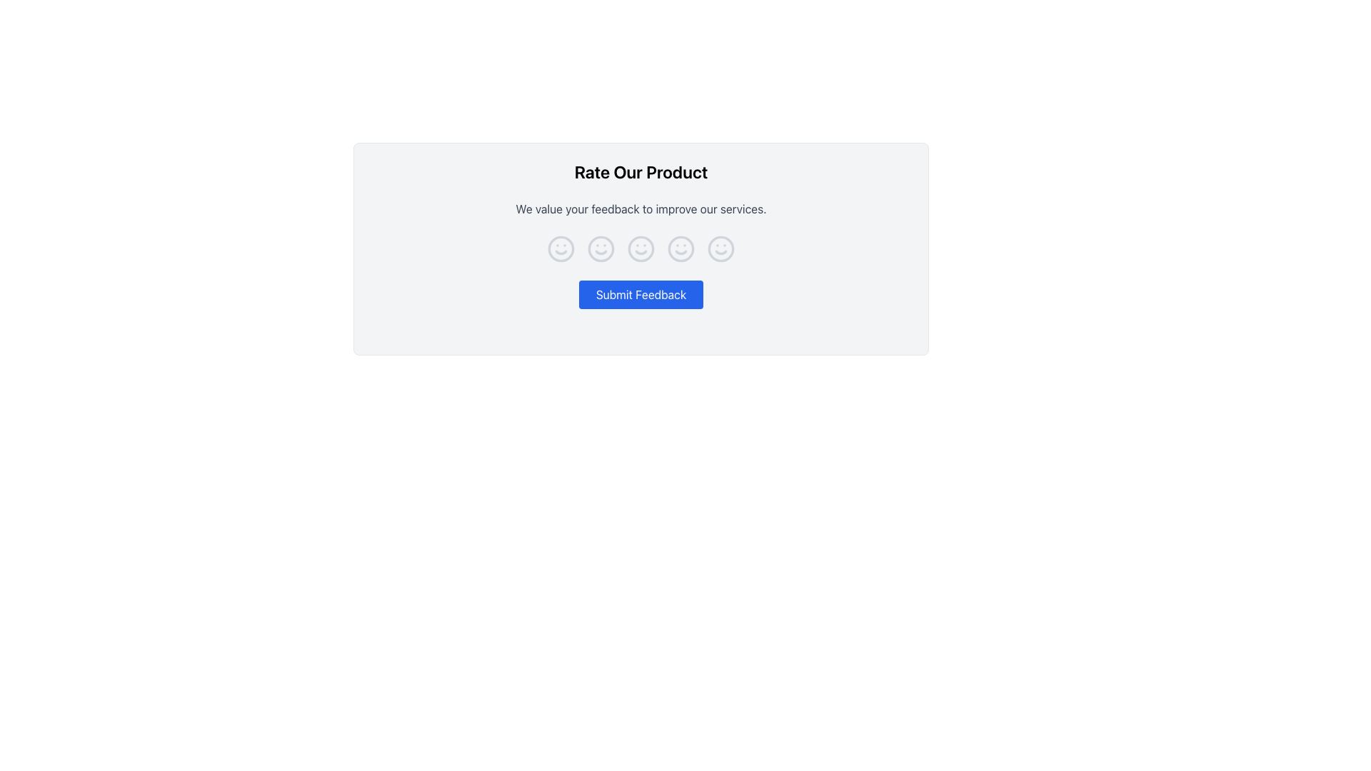 The height and width of the screenshot is (771, 1371). I want to click on the central circular base of the third smiley face icon in the rating options below the feedback text and above the submit button, so click(681, 248).